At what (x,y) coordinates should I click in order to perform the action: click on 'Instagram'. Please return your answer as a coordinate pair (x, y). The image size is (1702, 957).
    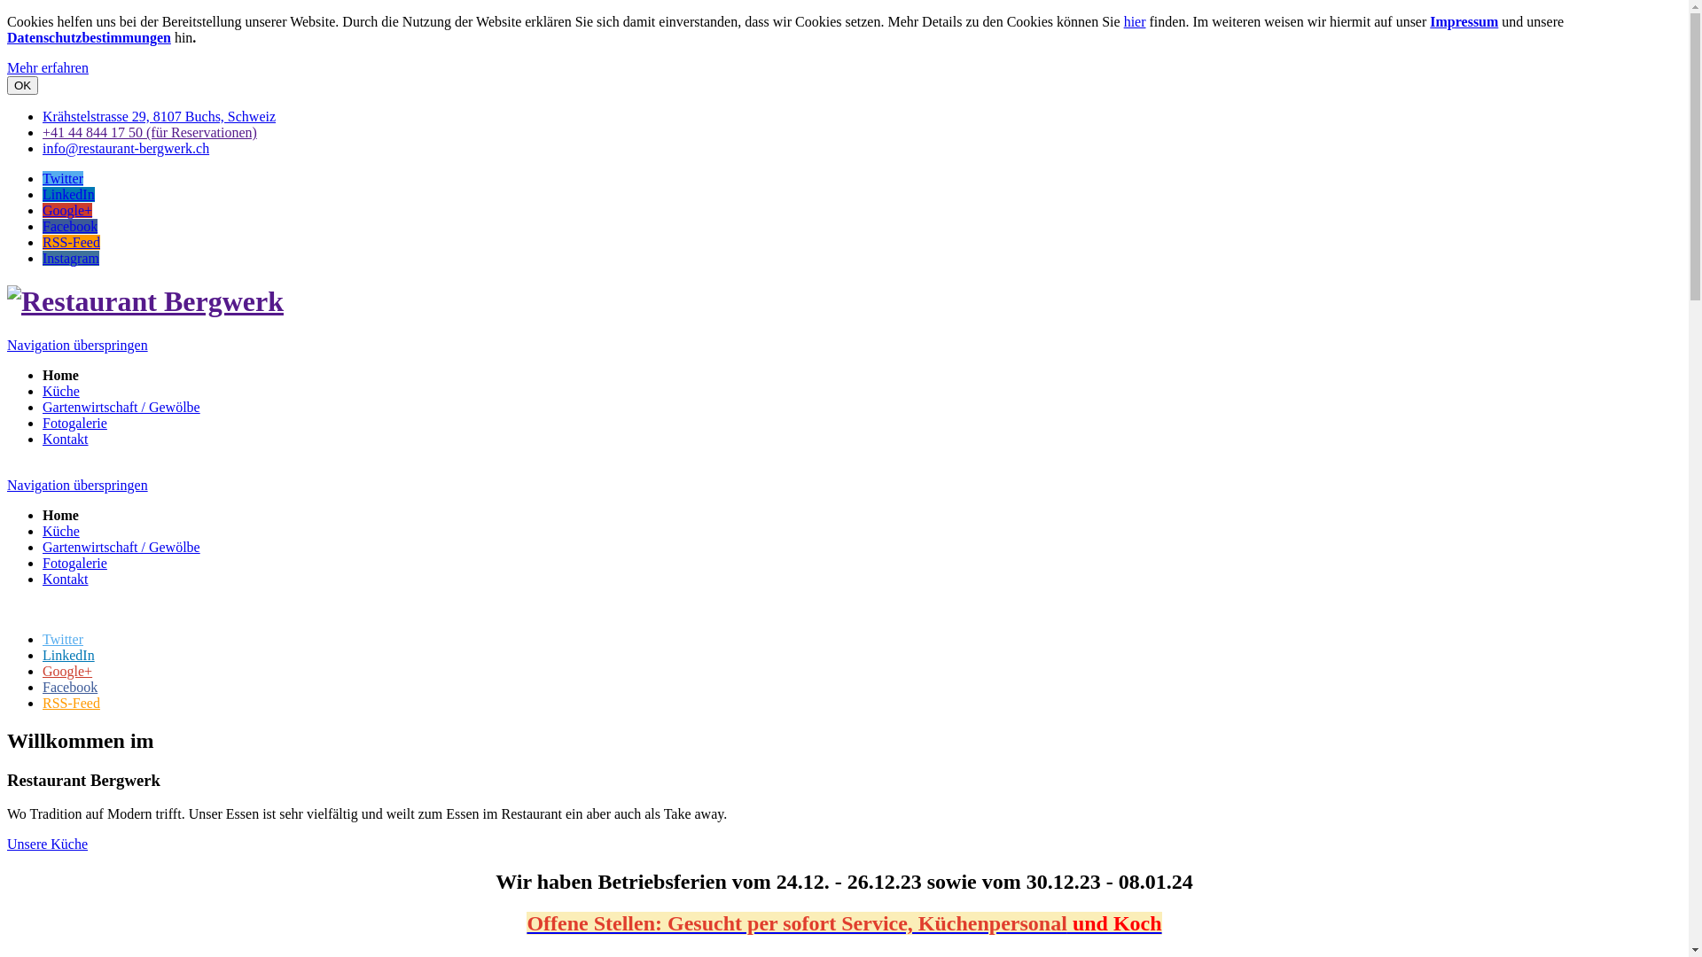
    Looking at the image, I should click on (71, 258).